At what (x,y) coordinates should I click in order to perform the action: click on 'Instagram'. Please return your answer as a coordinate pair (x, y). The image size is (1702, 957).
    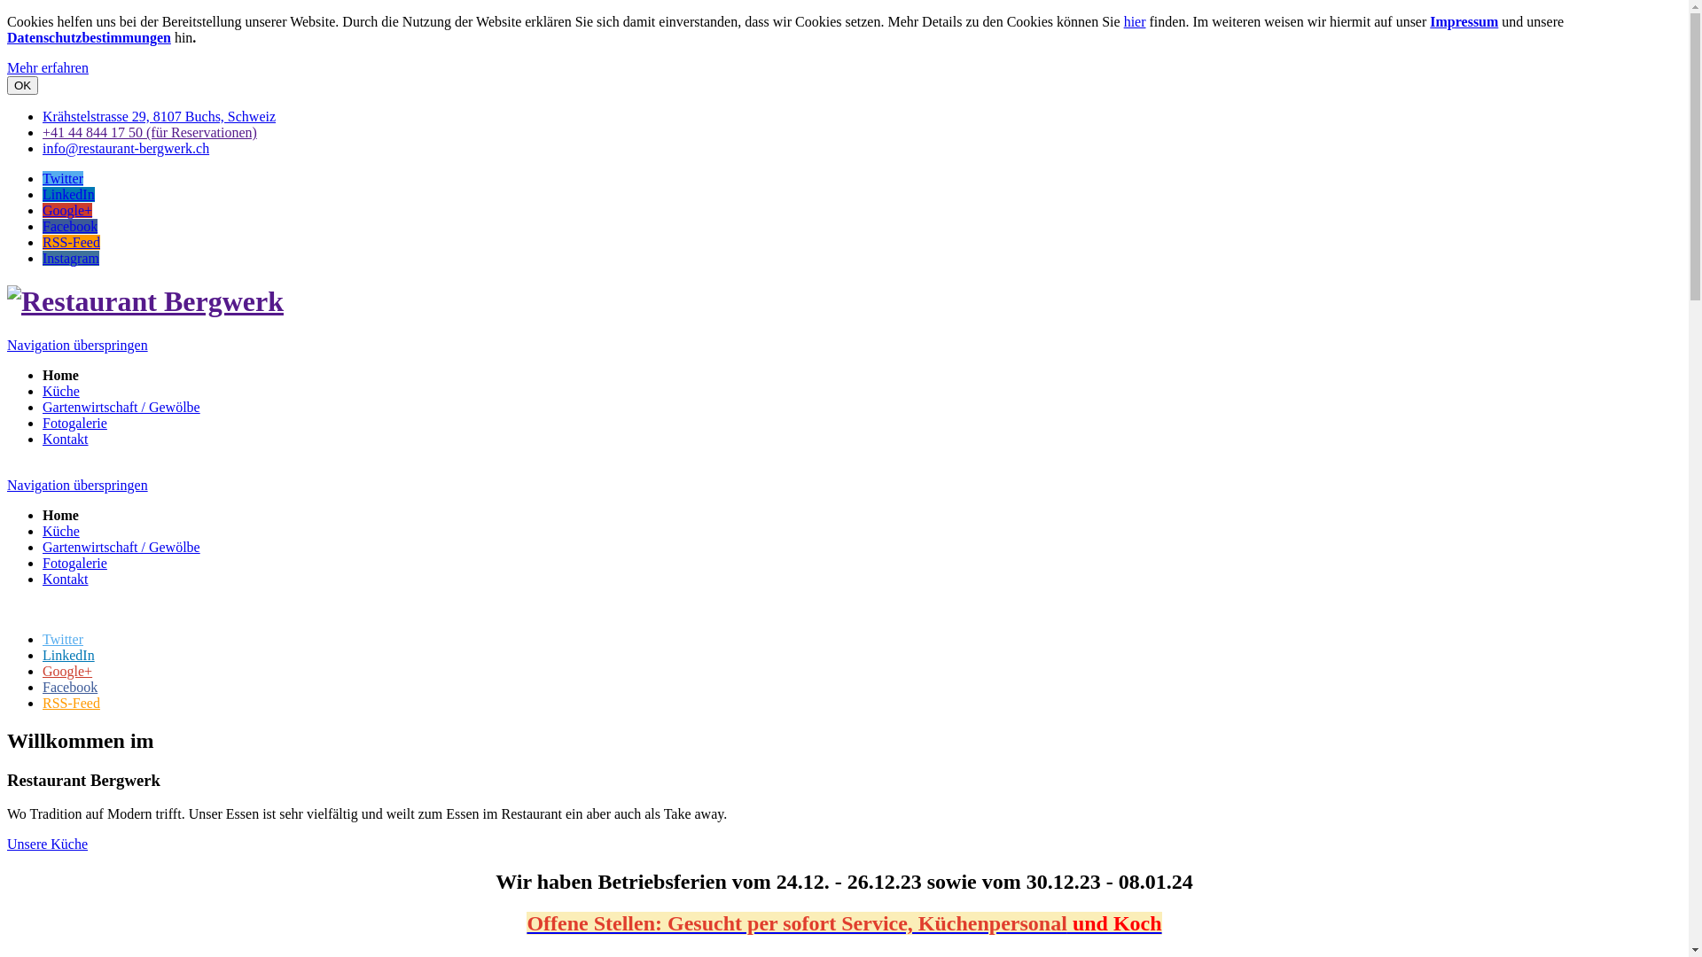
    Looking at the image, I should click on (71, 258).